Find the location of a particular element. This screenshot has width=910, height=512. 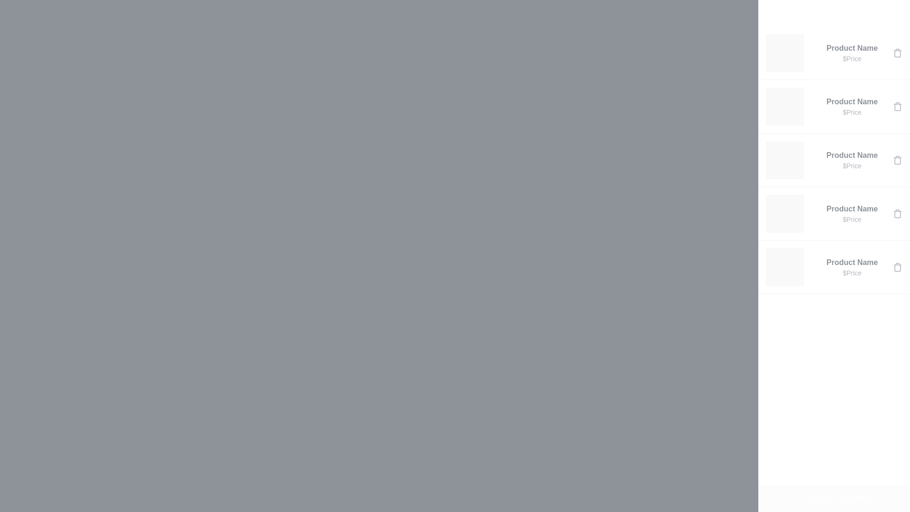

the text block displaying 'Product Name' and 'Price' in the fifth item of the list is located at coordinates (852, 267).